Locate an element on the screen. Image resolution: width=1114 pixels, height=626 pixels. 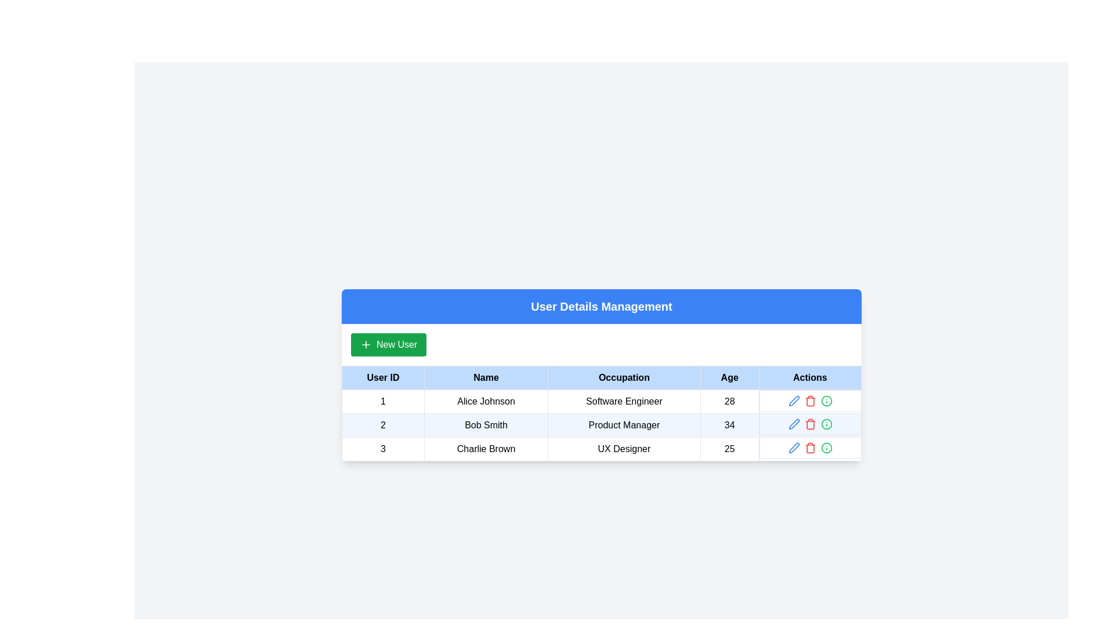
the Text Display element that contains the text 'Bob Smith', which is styled with padding and a border, located in the second row under the 'Name' column is located at coordinates (486, 425).